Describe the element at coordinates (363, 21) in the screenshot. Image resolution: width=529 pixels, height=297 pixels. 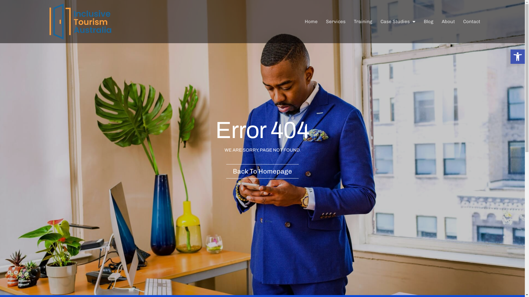
I see `'Training'` at that location.